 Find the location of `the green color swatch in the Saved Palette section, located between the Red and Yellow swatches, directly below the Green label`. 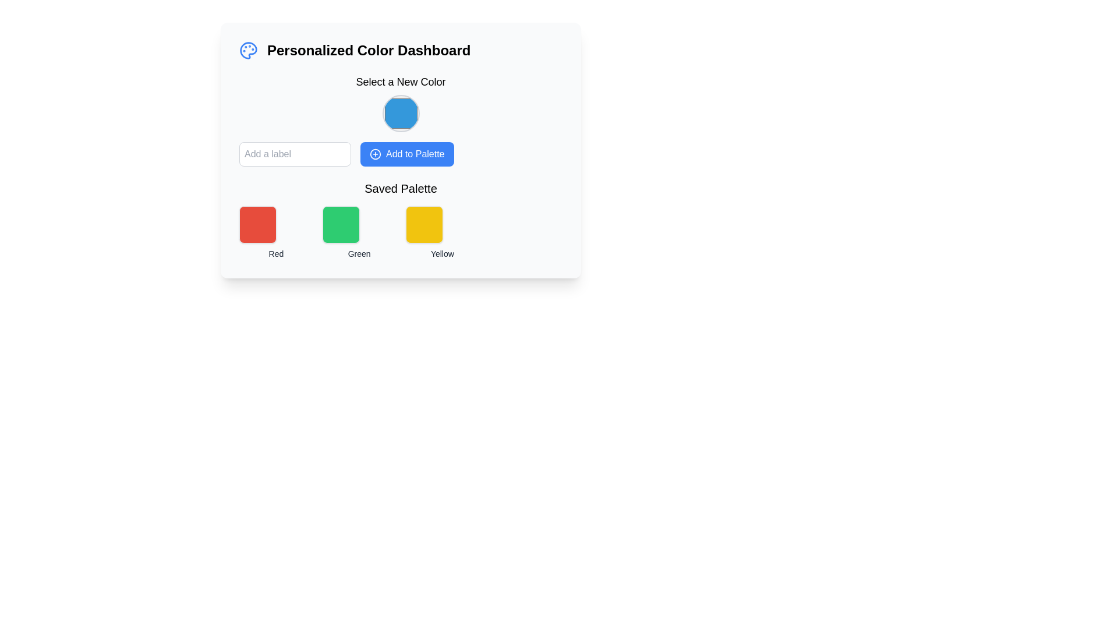

the green color swatch in the Saved Palette section, located between the Red and Yellow swatches, directly below the Green label is located at coordinates (340, 224).